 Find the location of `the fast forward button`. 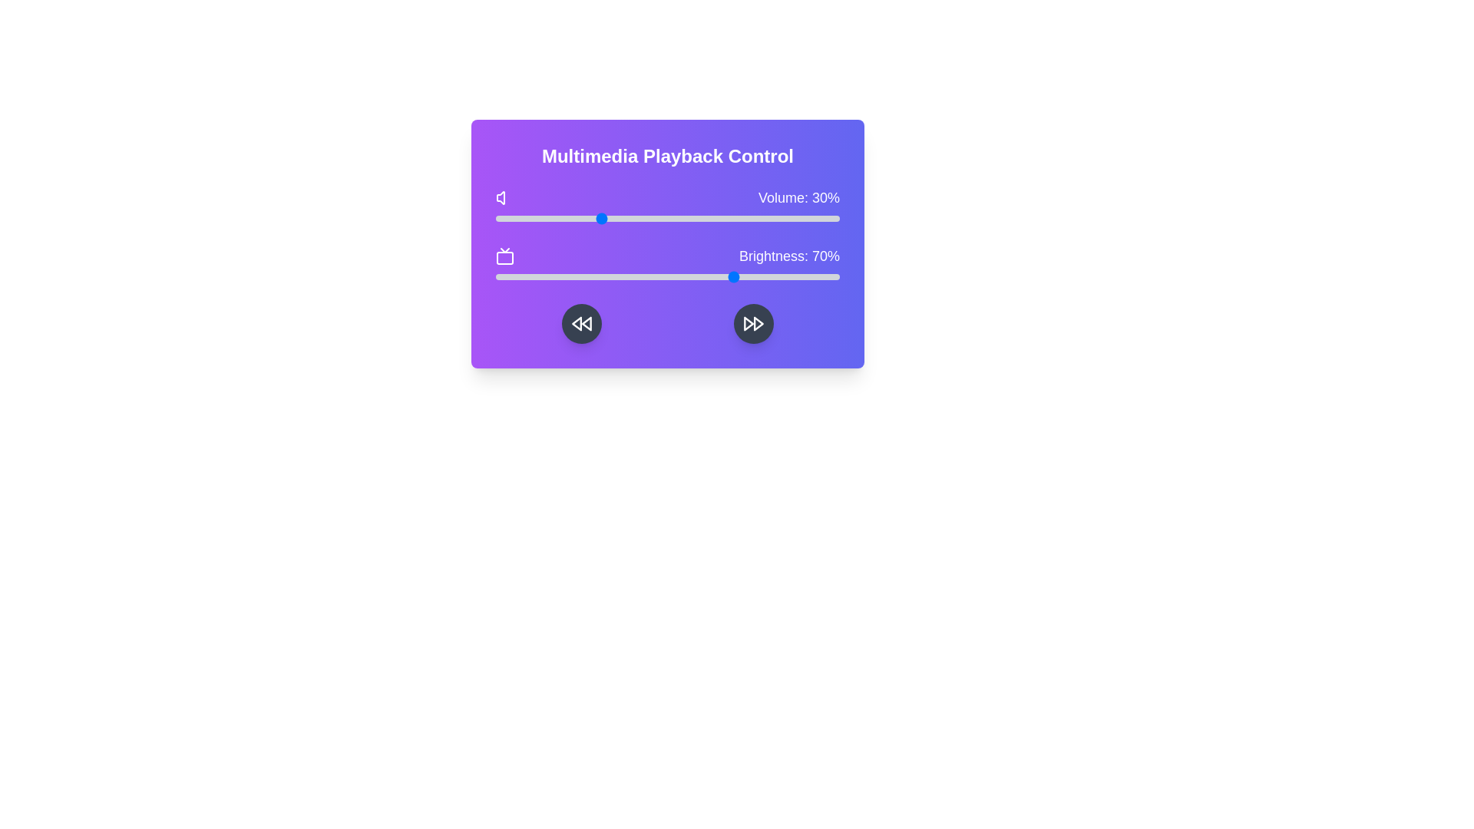

the fast forward button is located at coordinates (754, 322).